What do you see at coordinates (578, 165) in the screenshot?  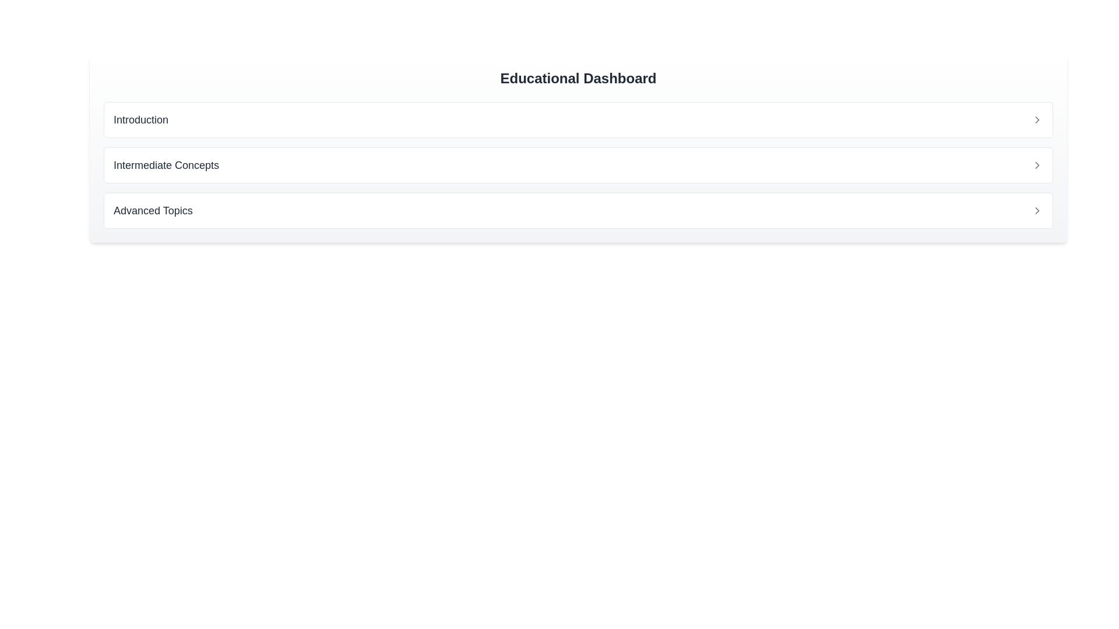 I see `the interactive list item labeled 'Intermediate Concepts'` at bounding box center [578, 165].